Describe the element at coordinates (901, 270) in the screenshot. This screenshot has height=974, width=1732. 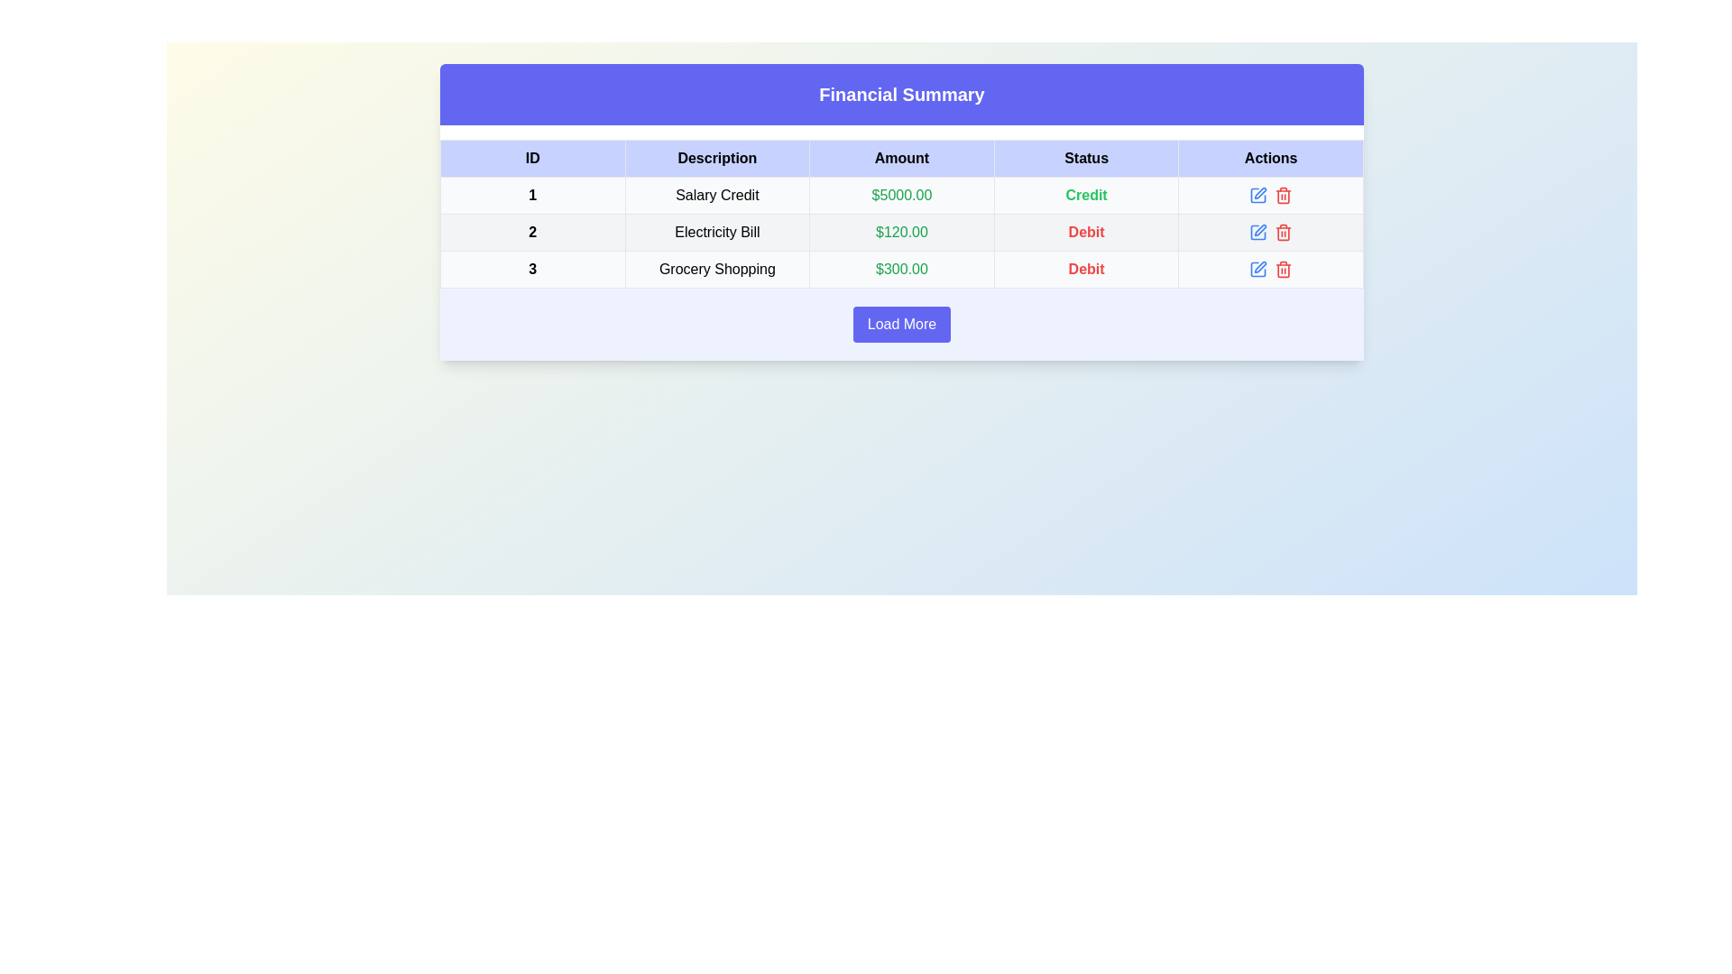
I see `the table row displaying transaction details for ID '3', which includes 'Grocery Shopping' for an amount of '$300.00' in green text and status 'Debit' in red text` at that location.